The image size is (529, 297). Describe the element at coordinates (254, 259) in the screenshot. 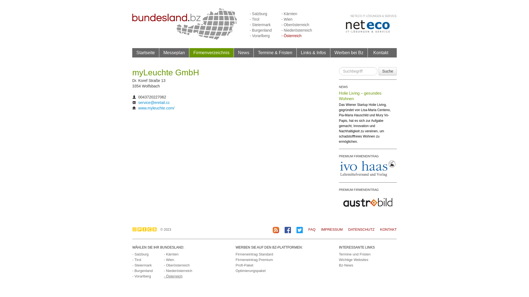

I see `'Firmeneintrag Premium'` at that location.